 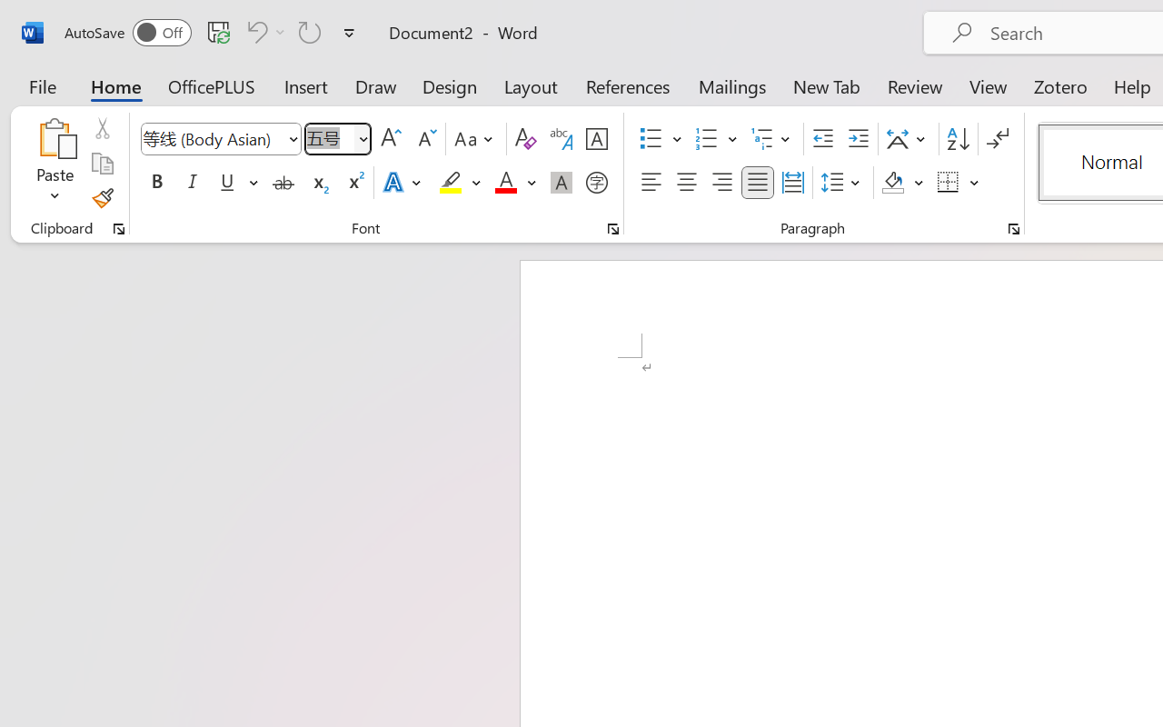 I want to click on 'Decrease Indent', so click(x=822, y=139).